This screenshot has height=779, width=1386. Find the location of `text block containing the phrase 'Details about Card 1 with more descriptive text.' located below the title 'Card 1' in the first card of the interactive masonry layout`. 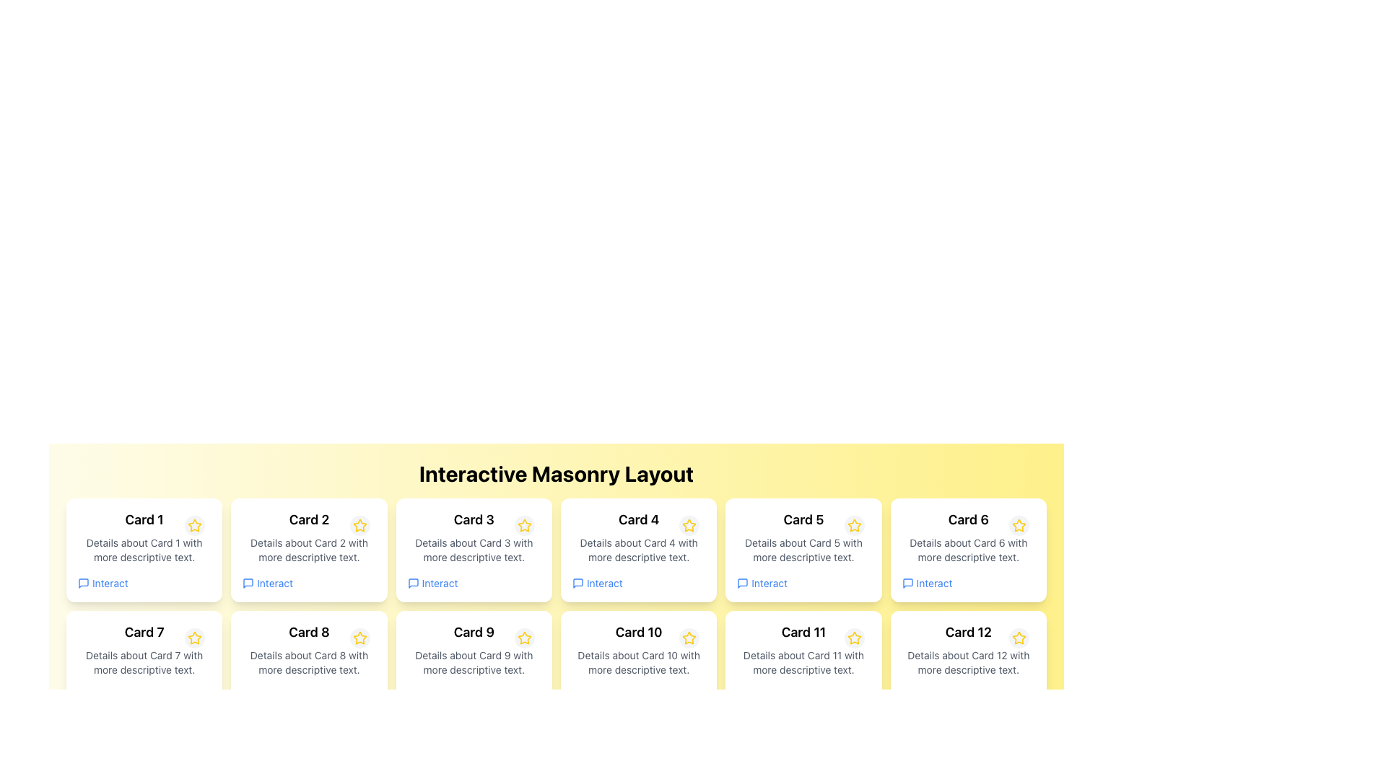

text block containing the phrase 'Details about Card 1 with more descriptive text.' located below the title 'Card 1' in the first card of the interactive masonry layout is located at coordinates (144, 550).